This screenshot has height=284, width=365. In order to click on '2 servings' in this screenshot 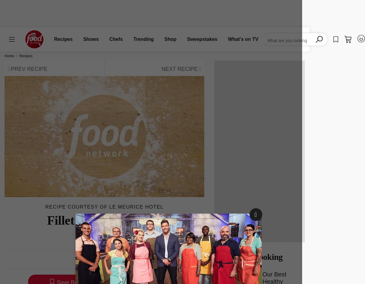, I will do `click(141, 260)`.